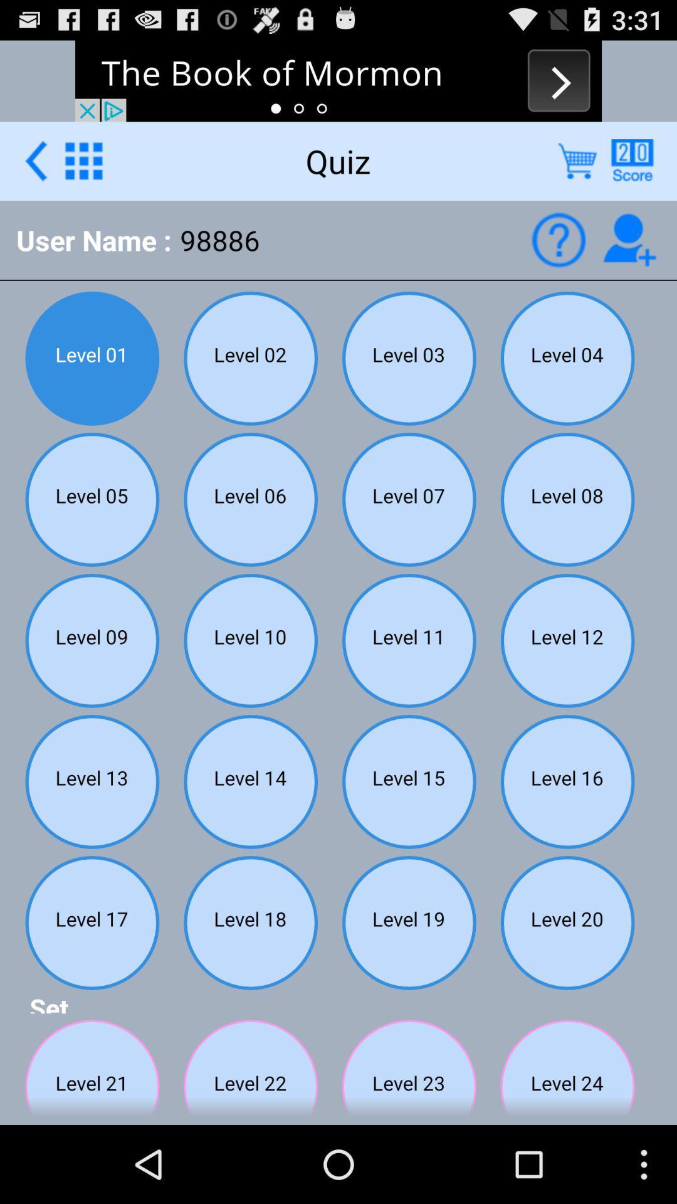 This screenshot has width=677, height=1204. What do you see at coordinates (632, 160) in the screenshot?
I see `see score` at bounding box center [632, 160].